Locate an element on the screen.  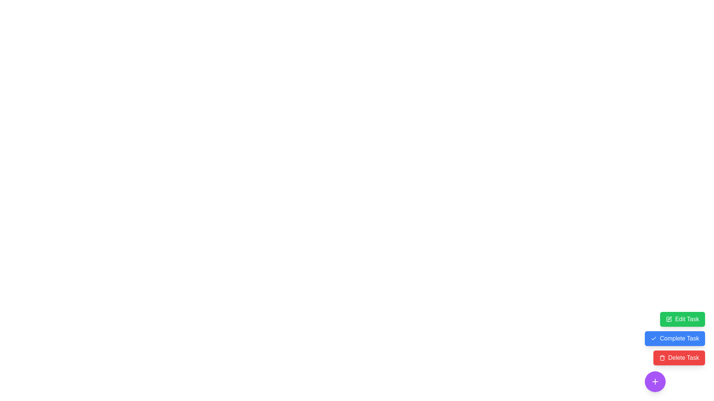
the Delete button located at the bottom of the vertical stack of buttons in the bottom-right corner of the interface is located at coordinates (675, 352).